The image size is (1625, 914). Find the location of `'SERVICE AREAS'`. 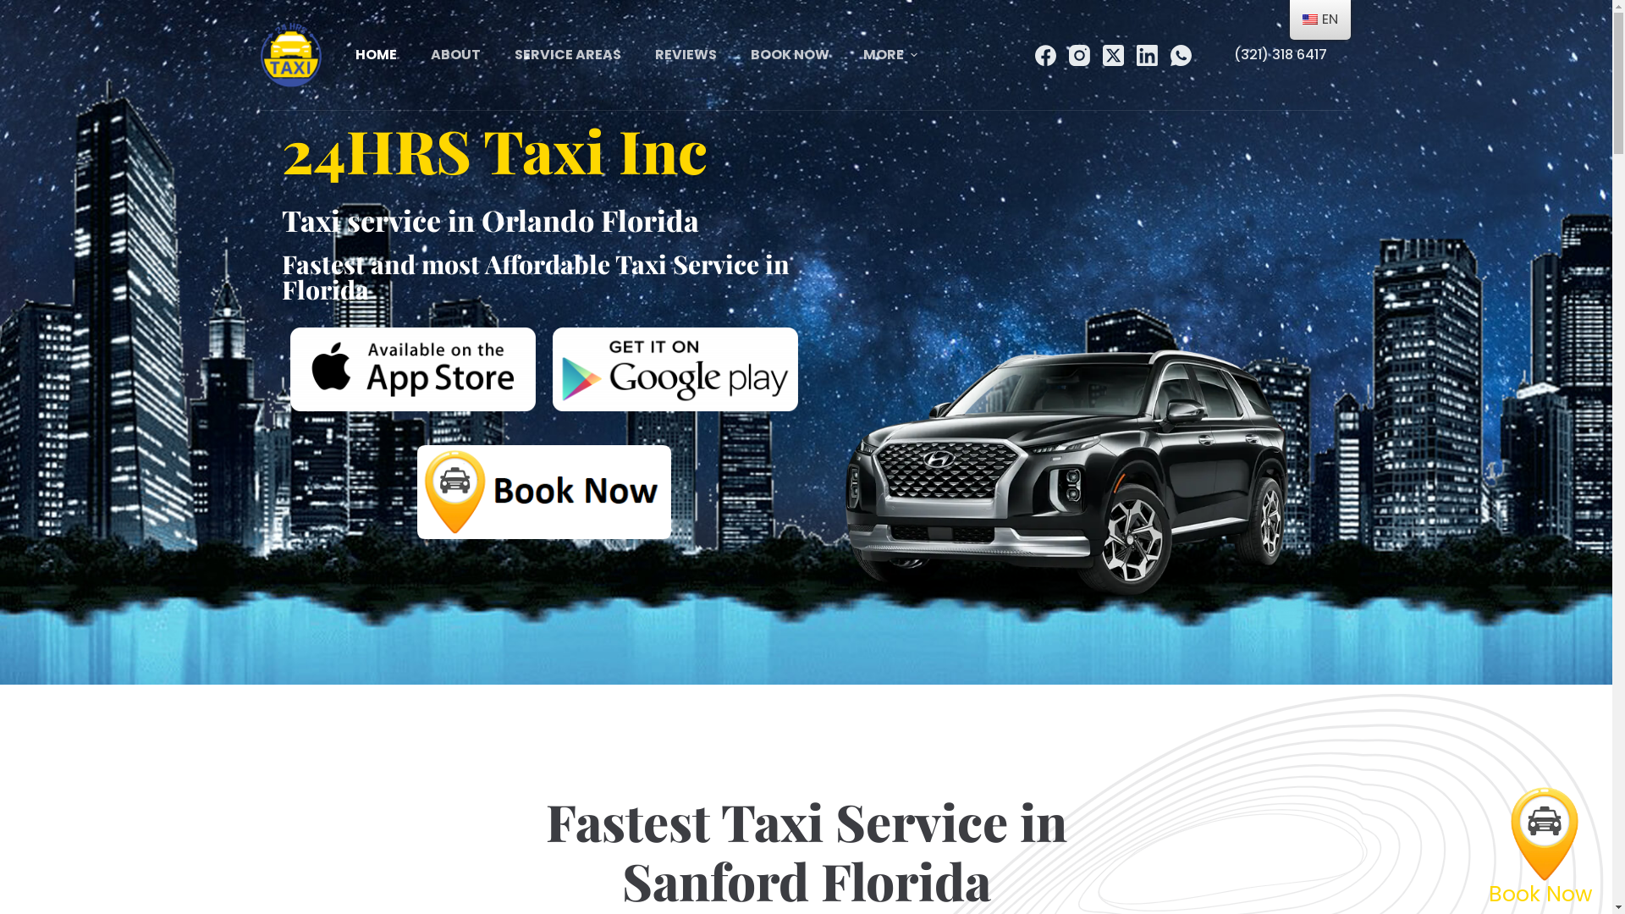

'SERVICE AREAS' is located at coordinates (568, 54).